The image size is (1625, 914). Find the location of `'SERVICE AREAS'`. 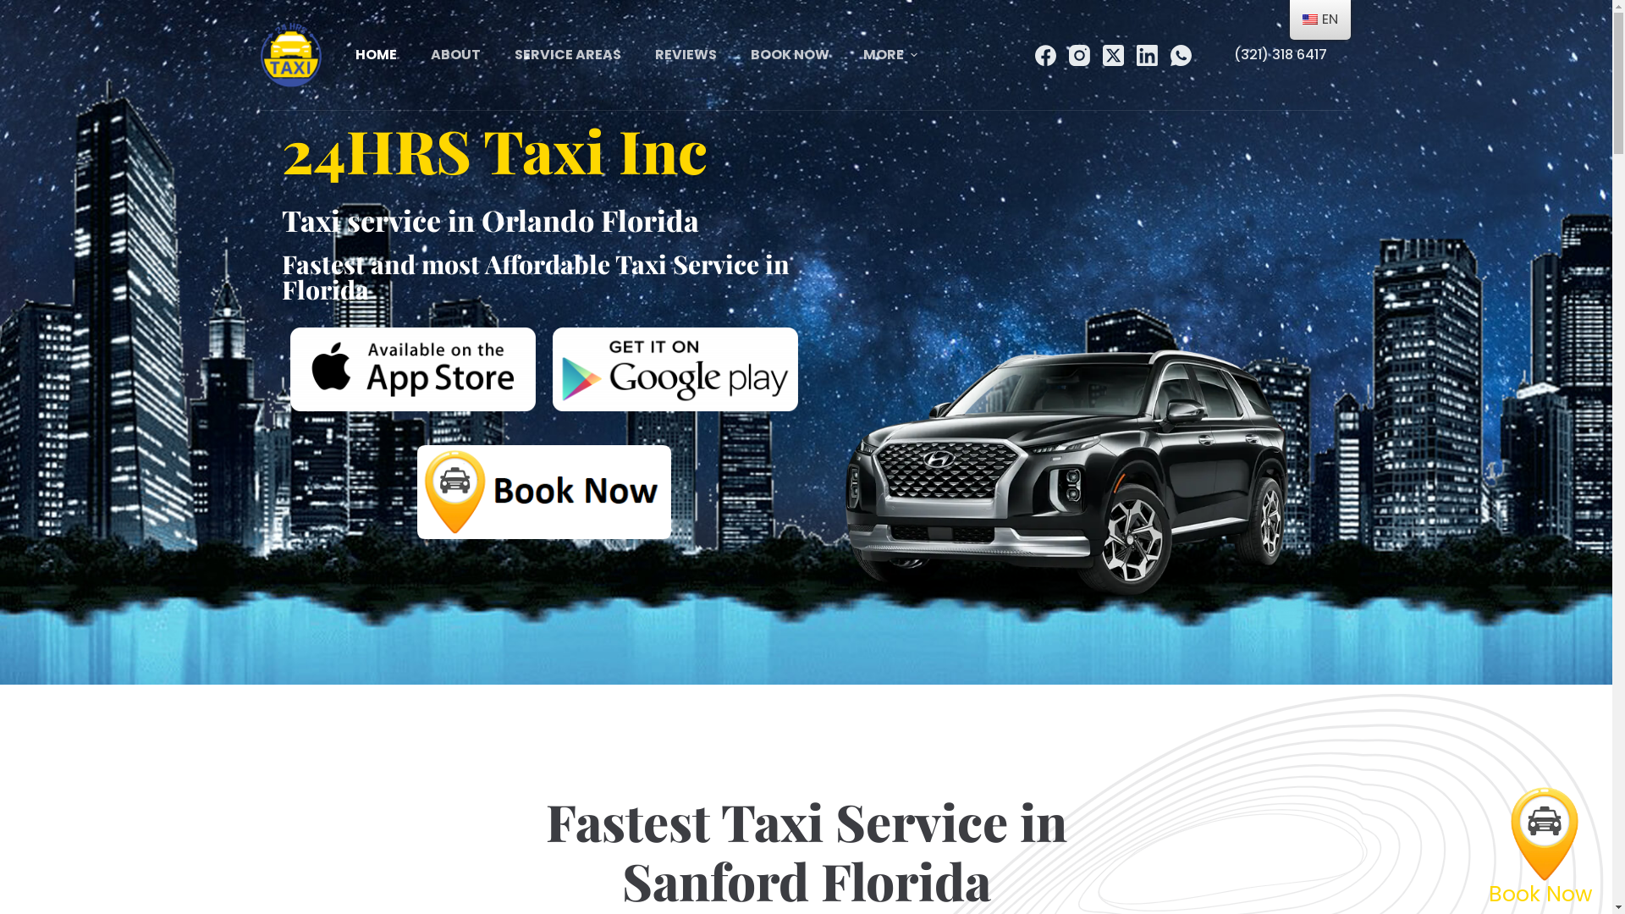

'SERVICE AREAS' is located at coordinates (568, 54).